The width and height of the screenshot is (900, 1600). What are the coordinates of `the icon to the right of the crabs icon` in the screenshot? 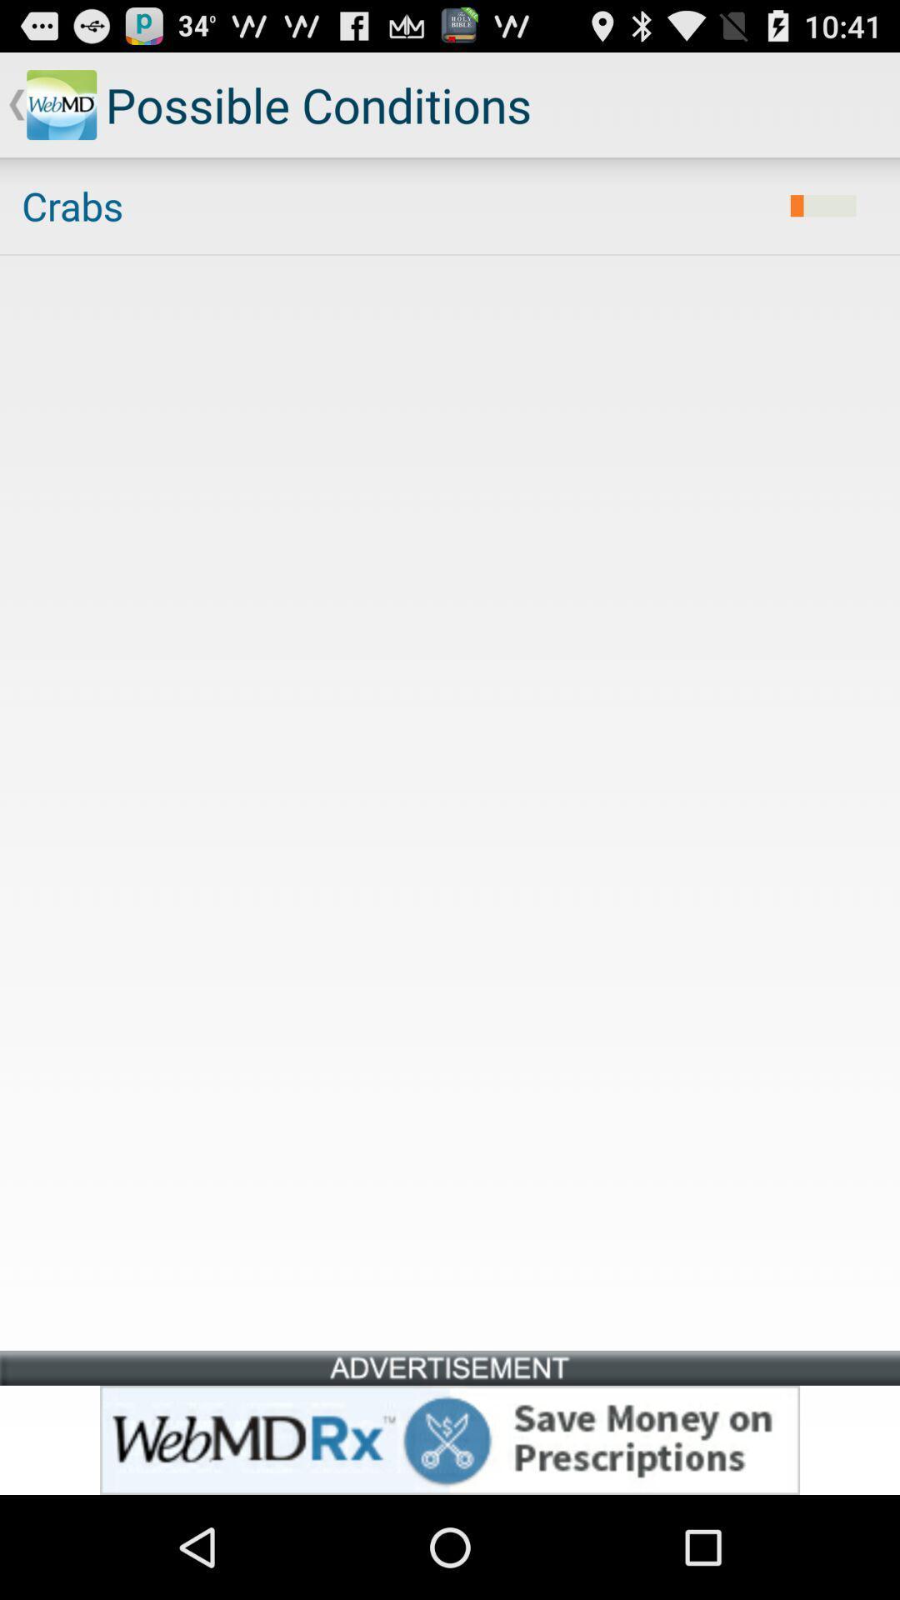 It's located at (822, 205).